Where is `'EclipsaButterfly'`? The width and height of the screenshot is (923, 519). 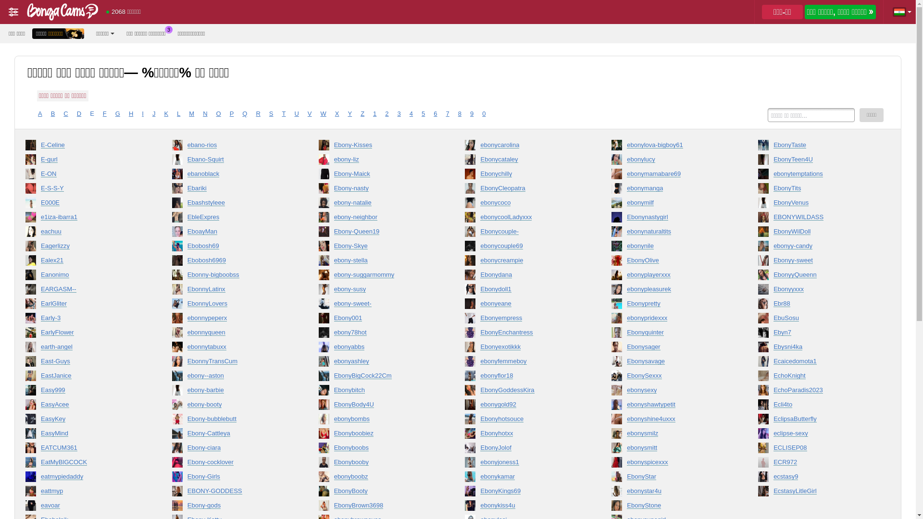 'EclipsaButterfly' is located at coordinates (817, 420).